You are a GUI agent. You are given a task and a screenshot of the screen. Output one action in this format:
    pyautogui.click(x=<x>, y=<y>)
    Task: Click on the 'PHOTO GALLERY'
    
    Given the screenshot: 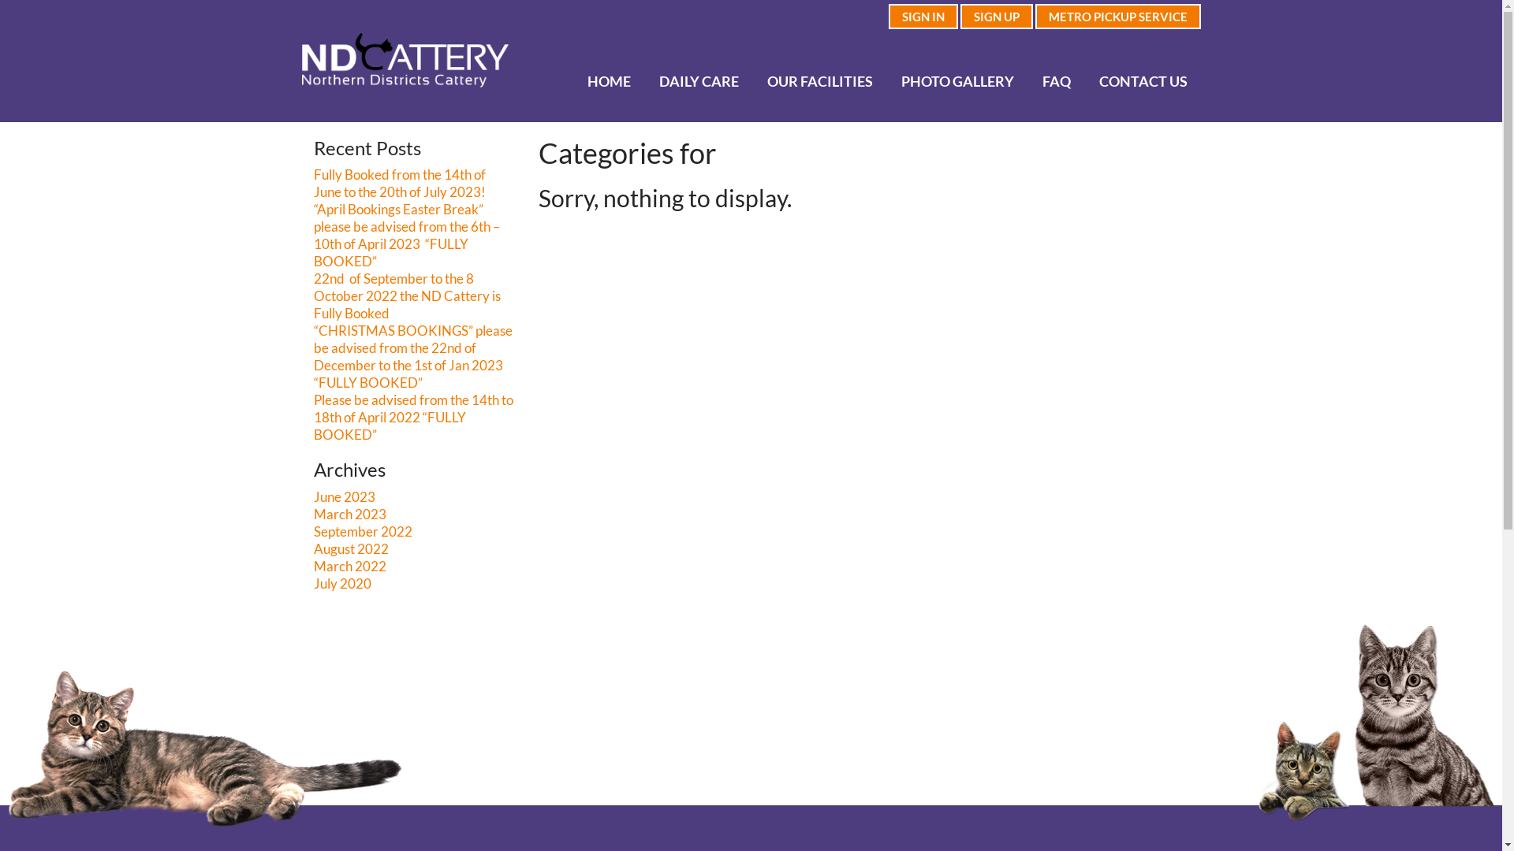 What is the action you would take?
    pyautogui.click(x=957, y=80)
    